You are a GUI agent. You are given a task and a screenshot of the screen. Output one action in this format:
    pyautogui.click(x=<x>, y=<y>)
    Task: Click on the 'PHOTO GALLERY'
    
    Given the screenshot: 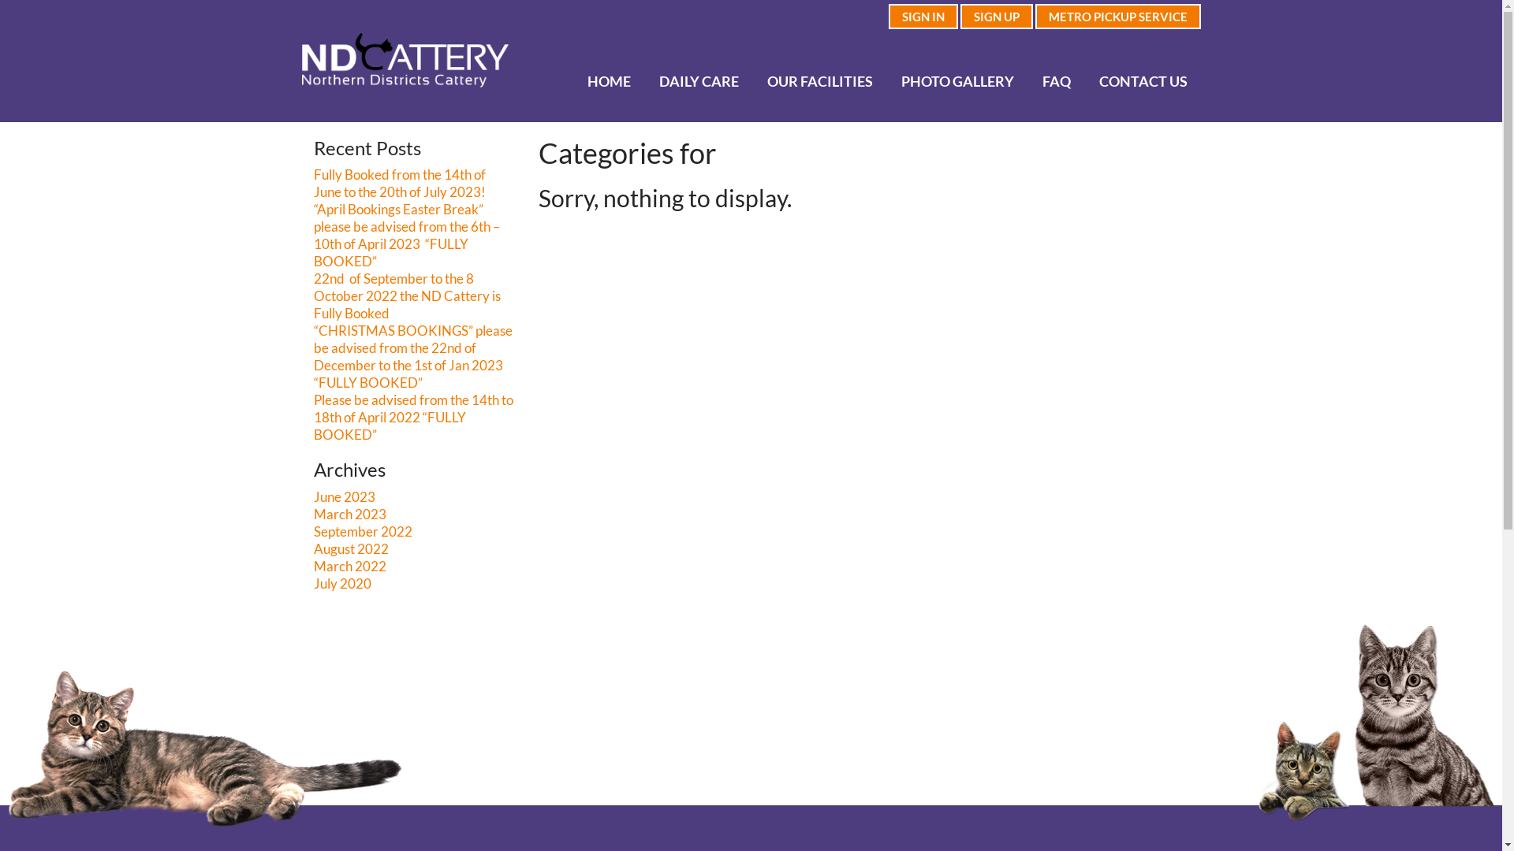 What is the action you would take?
    pyautogui.click(x=957, y=80)
    